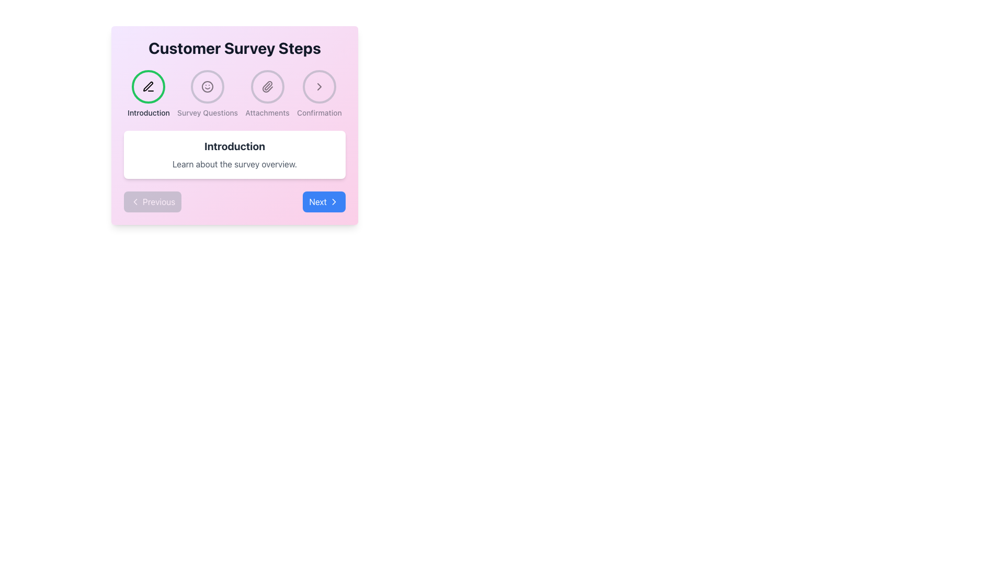 This screenshot has height=565, width=1004. I want to click on the 'Previous' button with a light gray background and white text, so click(152, 201).